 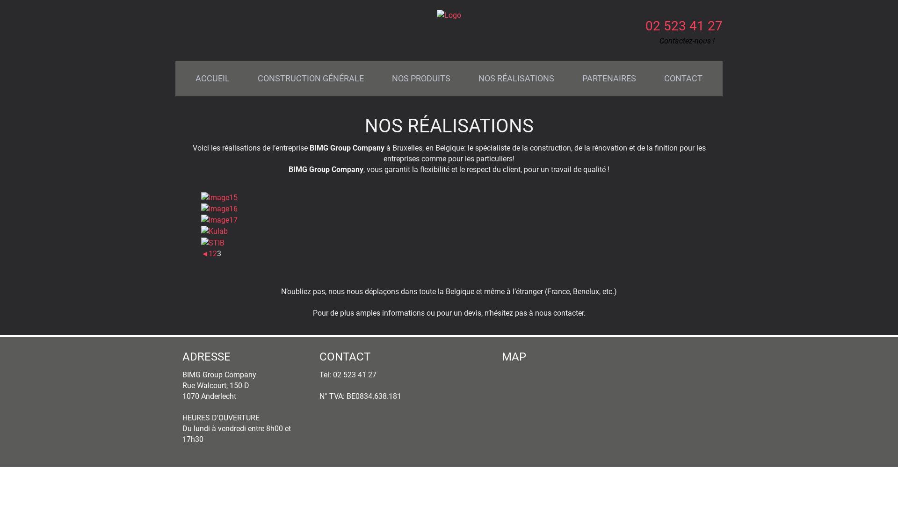 What do you see at coordinates (219, 208) in the screenshot?
I see `'Image16'` at bounding box center [219, 208].